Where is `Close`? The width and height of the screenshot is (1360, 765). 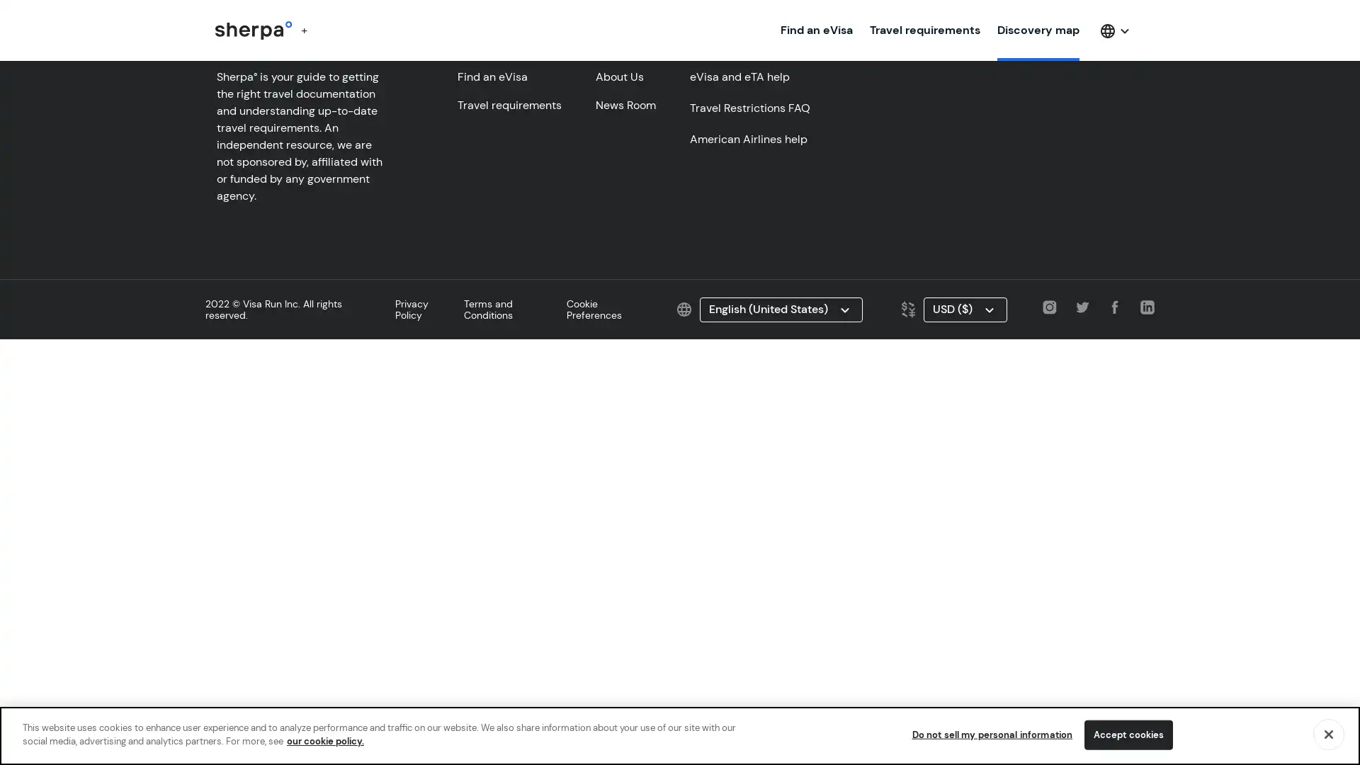
Close is located at coordinates (1328, 733).